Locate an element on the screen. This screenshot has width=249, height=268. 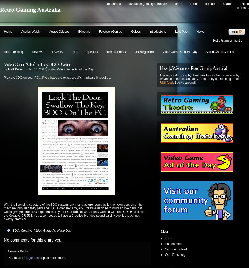
'. See ya around!' is located at coordinates (184, 82).